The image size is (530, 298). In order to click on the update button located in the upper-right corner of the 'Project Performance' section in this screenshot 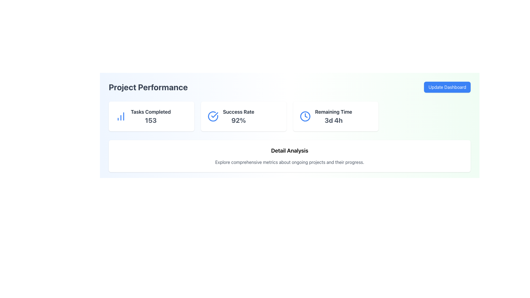, I will do `click(447, 87)`.